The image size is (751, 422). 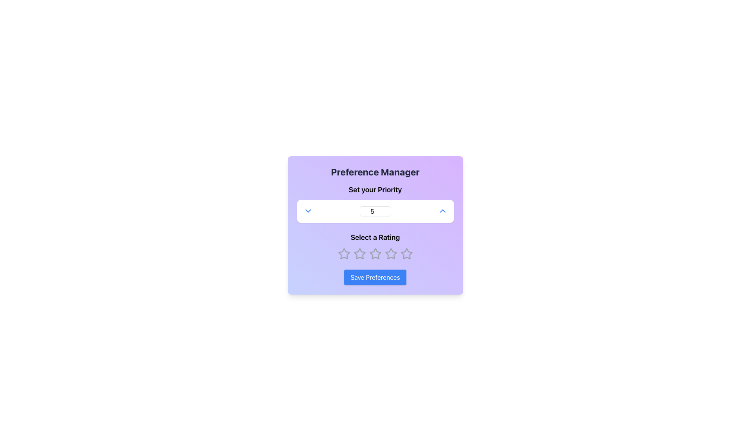 I want to click on the header that reads 'Select a Rating.' which is centrally positioned below the 'Set your Priority' dropdown input and above a row of star icons, so click(x=375, y=237).